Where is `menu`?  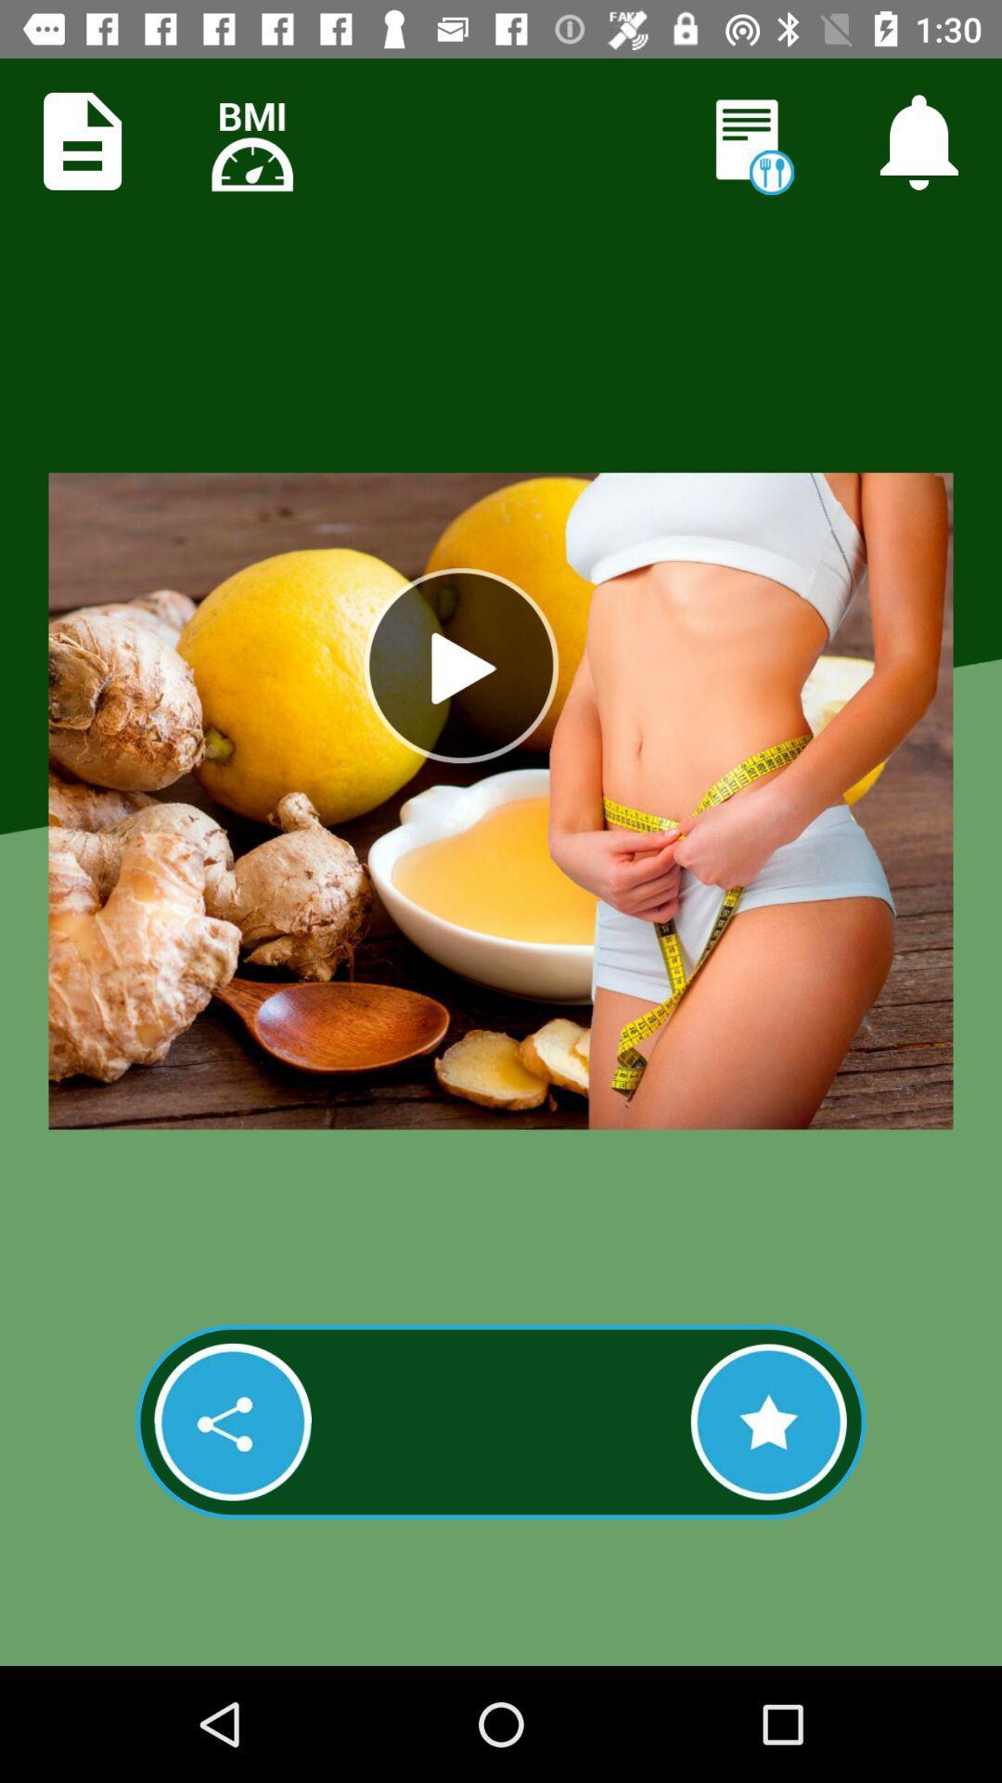
menu is located at coordinates (82, 140).